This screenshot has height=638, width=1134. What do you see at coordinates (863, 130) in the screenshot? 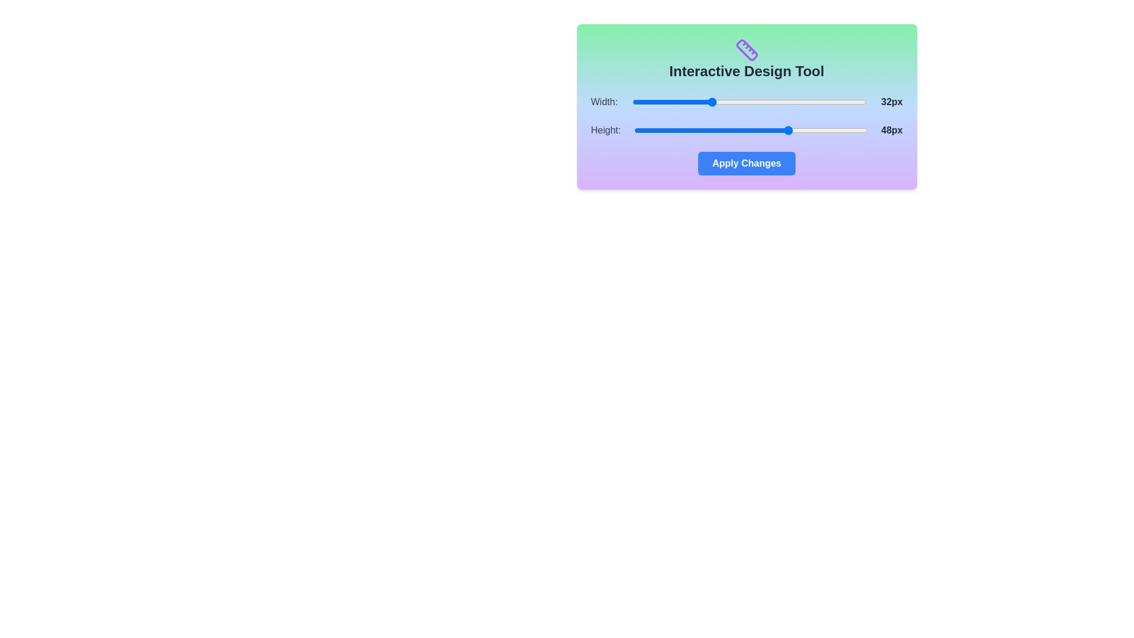
I see `the 'Height' slider to set its value to 63` at bounding box center [863, 130].